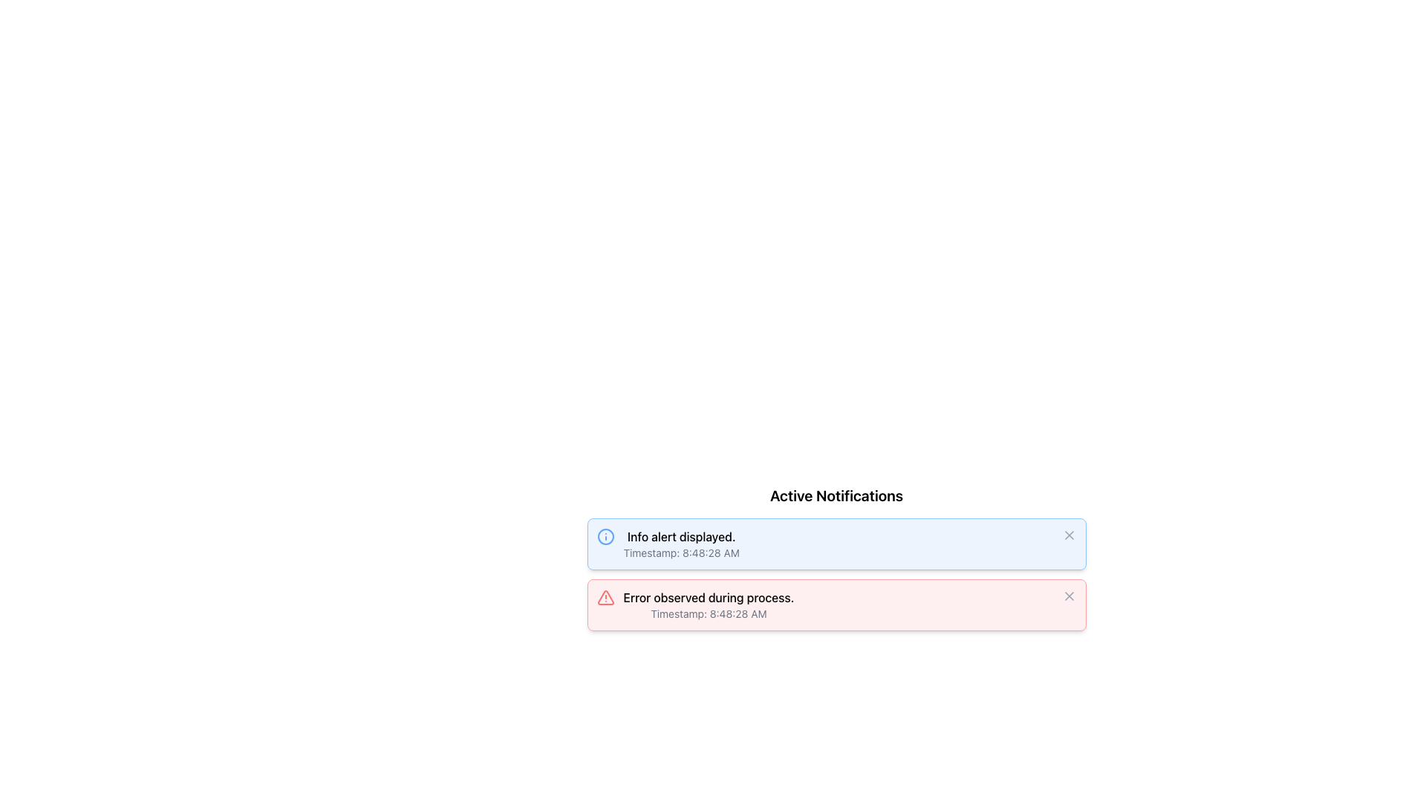  I want to click on the text label displaying 'Timestamp: 8:48:28 AM' located at the bottom of the red notification card under the header 'Error observed during process.', so click(708, 613).